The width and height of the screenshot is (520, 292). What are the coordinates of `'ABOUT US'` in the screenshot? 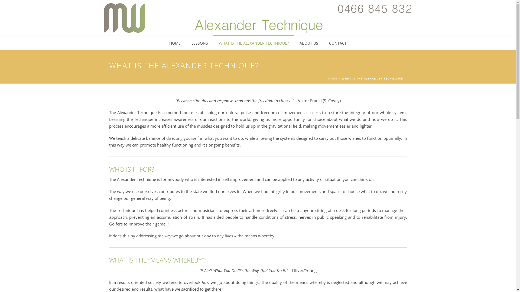 It's located at (309, 42).